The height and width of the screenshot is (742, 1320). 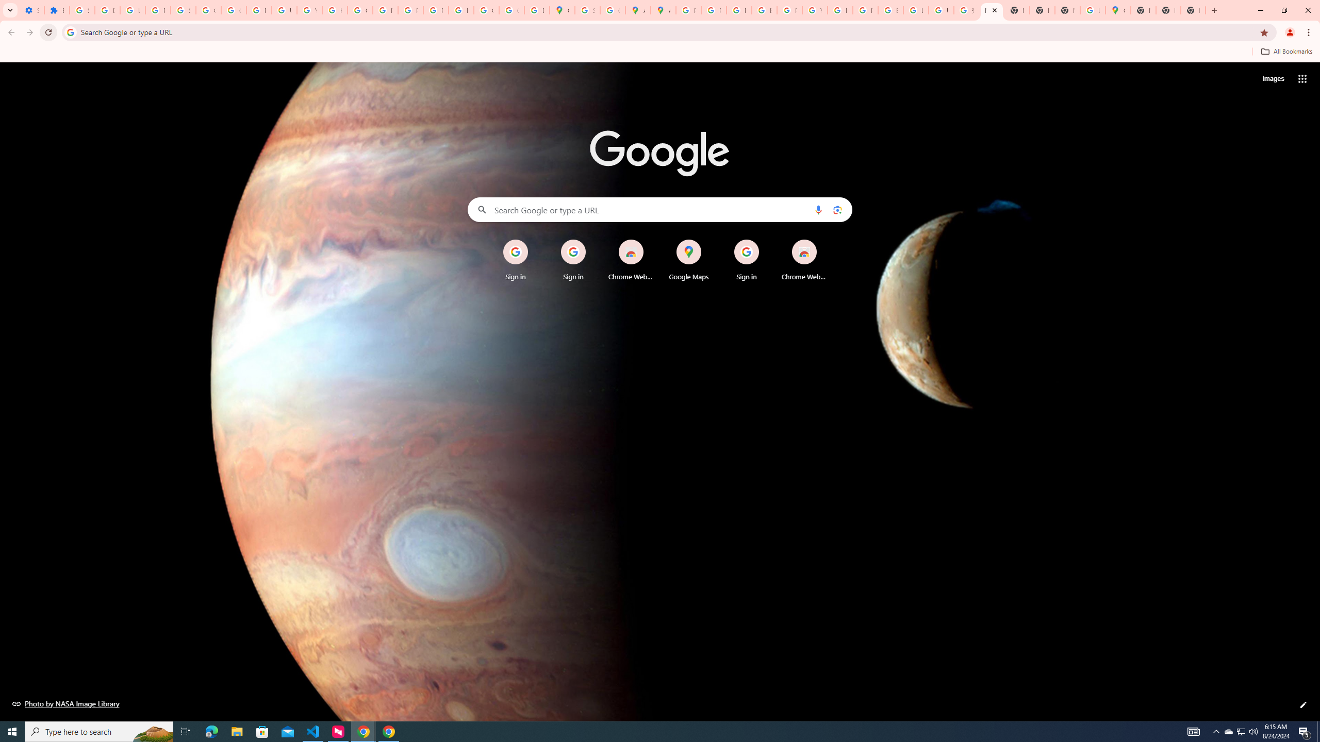 What do you see at coordinates (335, 10) in the screenshot?
I see `'https://scholar.google.com/'` at bounding box center [335, 10].